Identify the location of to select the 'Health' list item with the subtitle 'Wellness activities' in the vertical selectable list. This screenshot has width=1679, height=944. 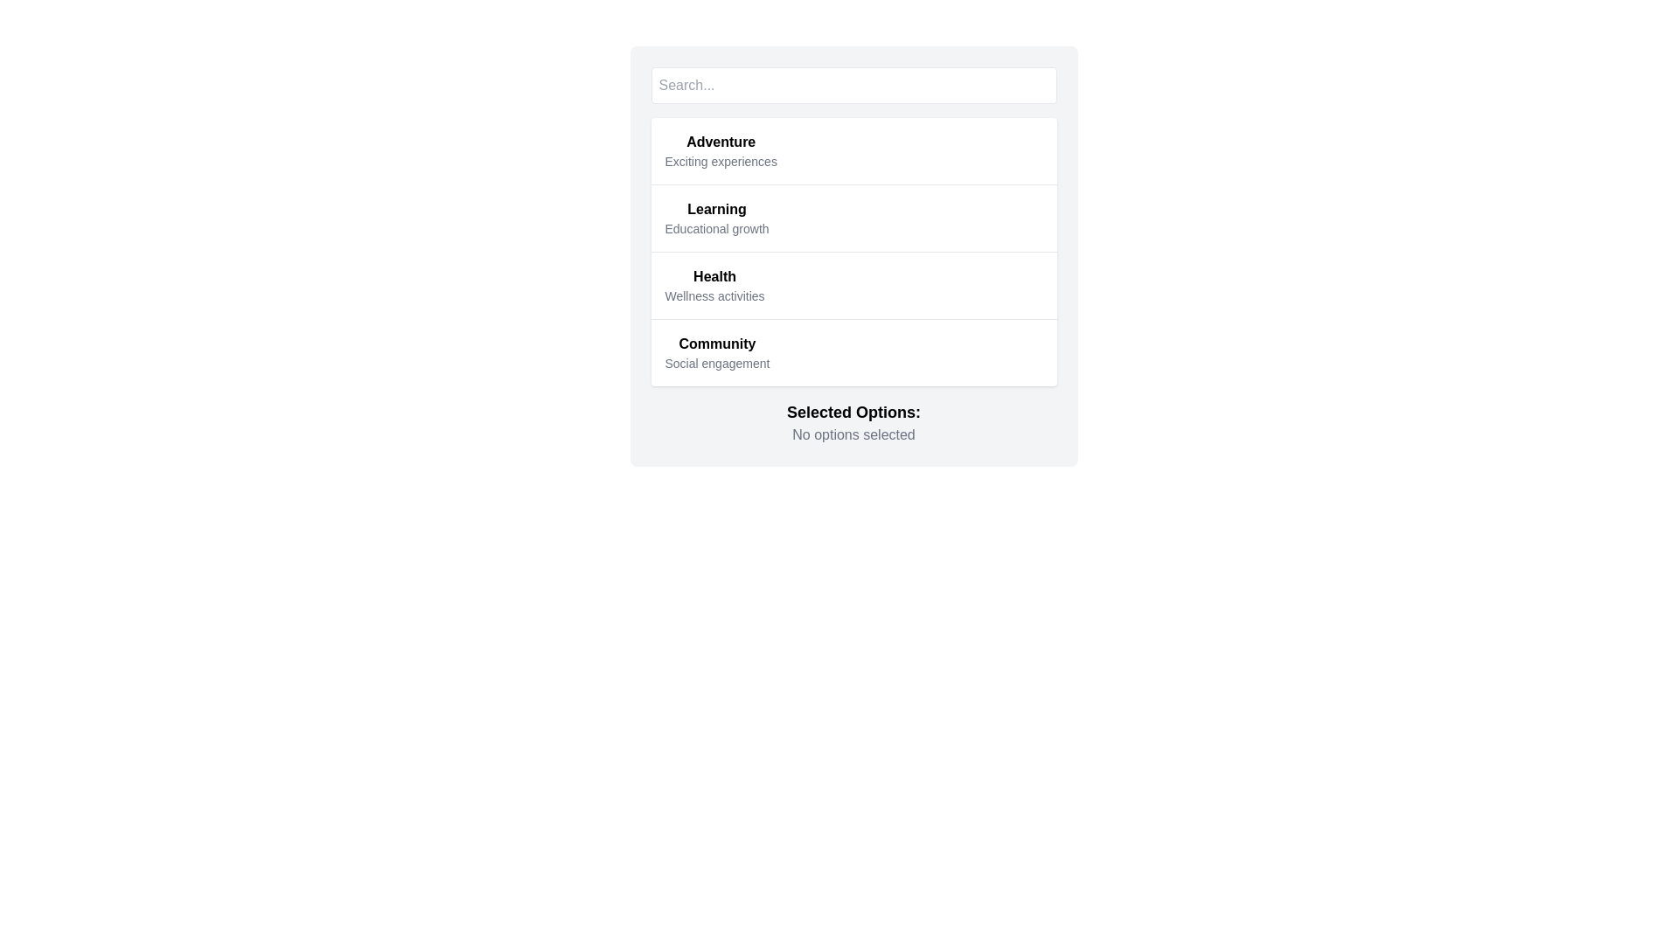
(853, 284).